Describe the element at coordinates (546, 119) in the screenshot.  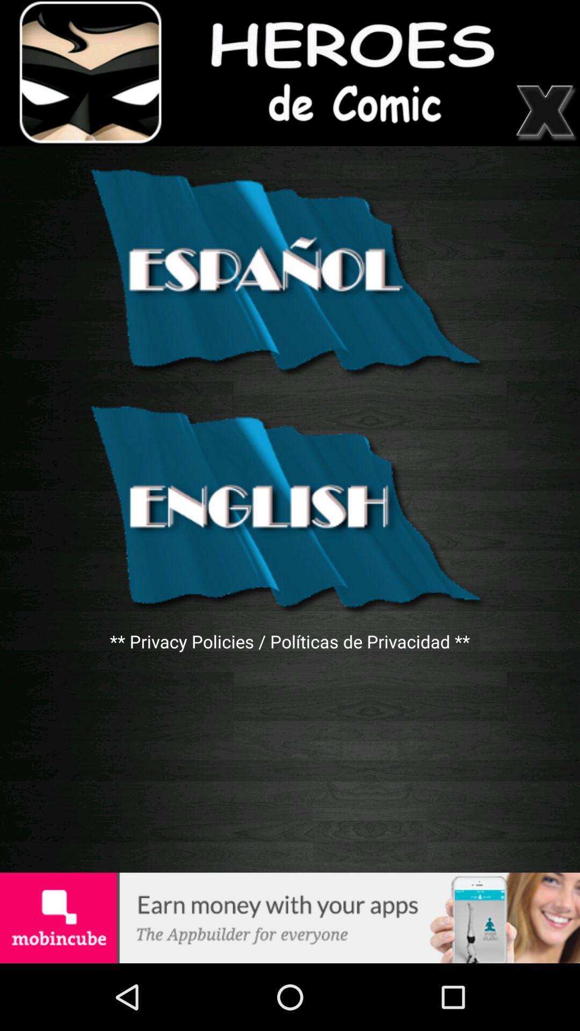
I see `the close icon` at that location.